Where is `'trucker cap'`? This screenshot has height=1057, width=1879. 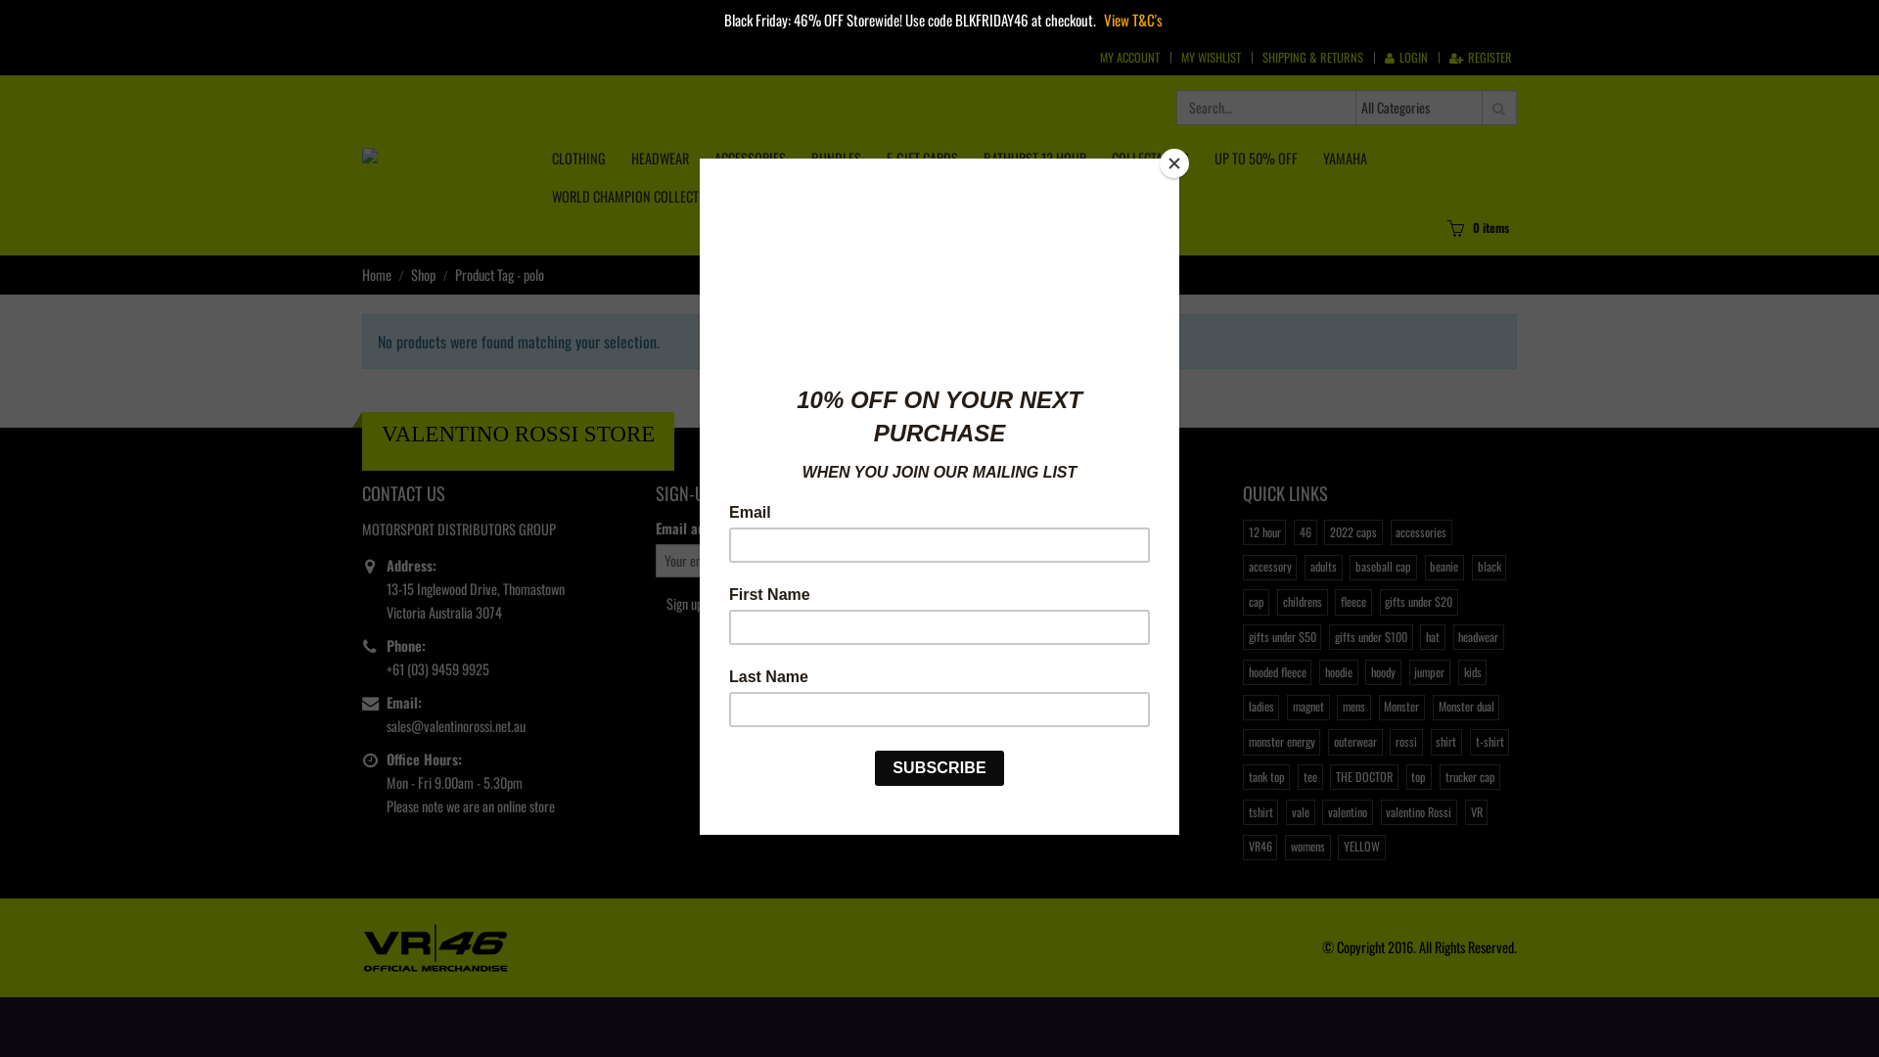
'trucker cap' is located at coordinates (1439, 776).